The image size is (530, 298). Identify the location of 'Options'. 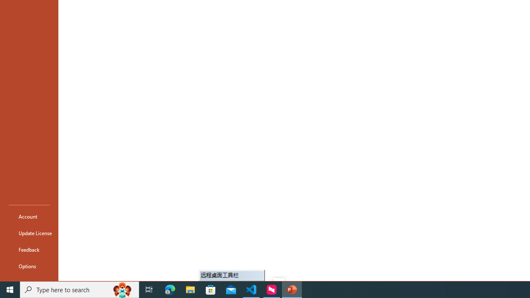
(29, 266).